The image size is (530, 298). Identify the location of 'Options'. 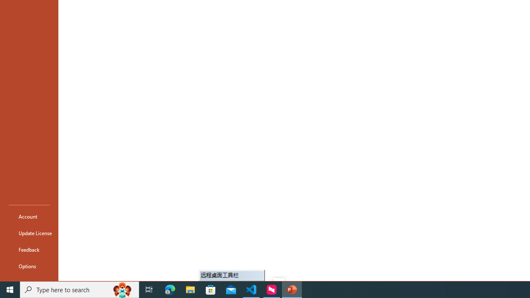
(29, 266).